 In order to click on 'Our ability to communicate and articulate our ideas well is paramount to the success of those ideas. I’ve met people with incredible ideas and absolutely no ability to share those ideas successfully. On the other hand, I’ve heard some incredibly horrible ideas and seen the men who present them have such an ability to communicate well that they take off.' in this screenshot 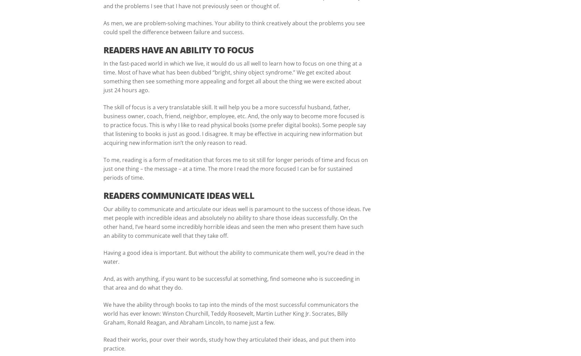, I will do `click(237, 222)`.